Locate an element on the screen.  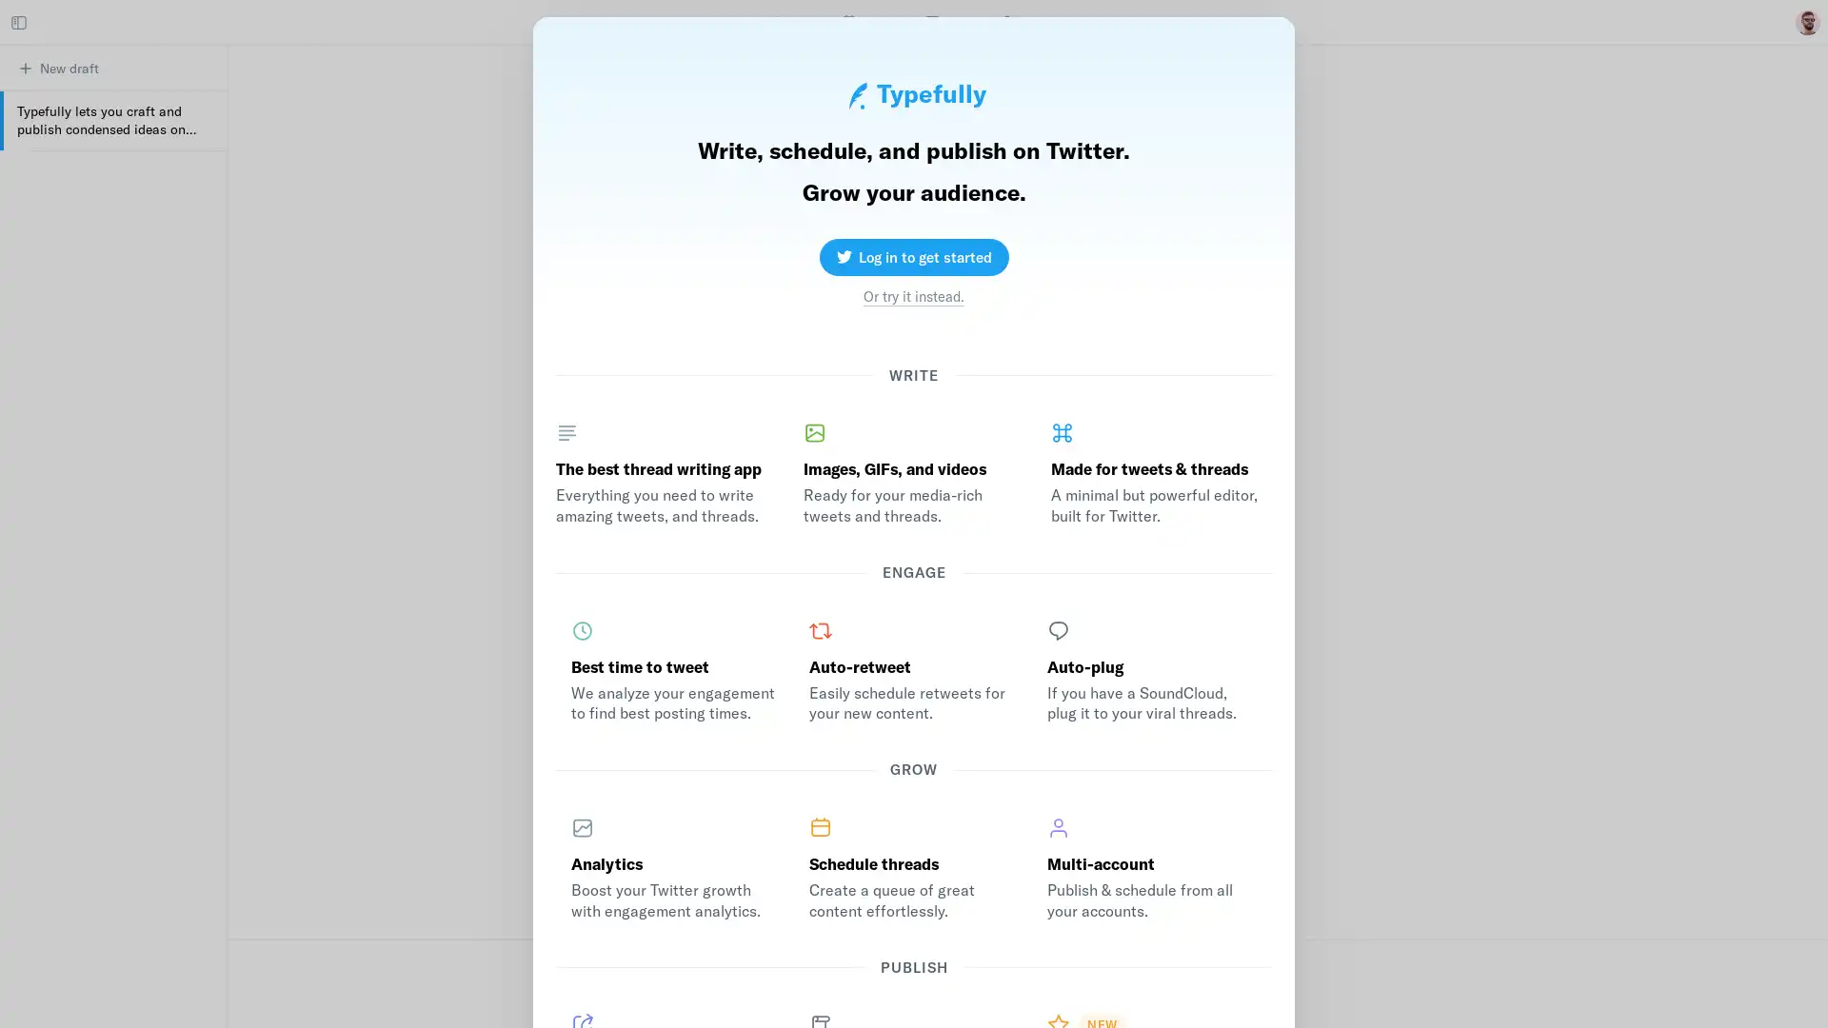
Log in to get started is located at coordinates (912, 255).